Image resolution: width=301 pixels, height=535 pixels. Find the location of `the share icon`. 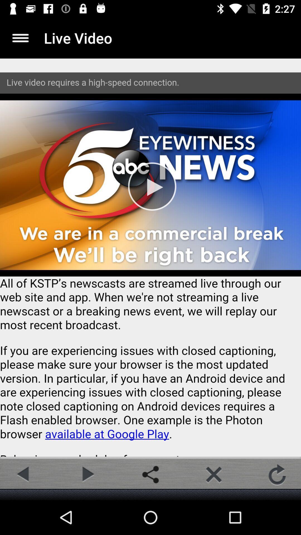

the share icon is located at coordinates (151, 474).